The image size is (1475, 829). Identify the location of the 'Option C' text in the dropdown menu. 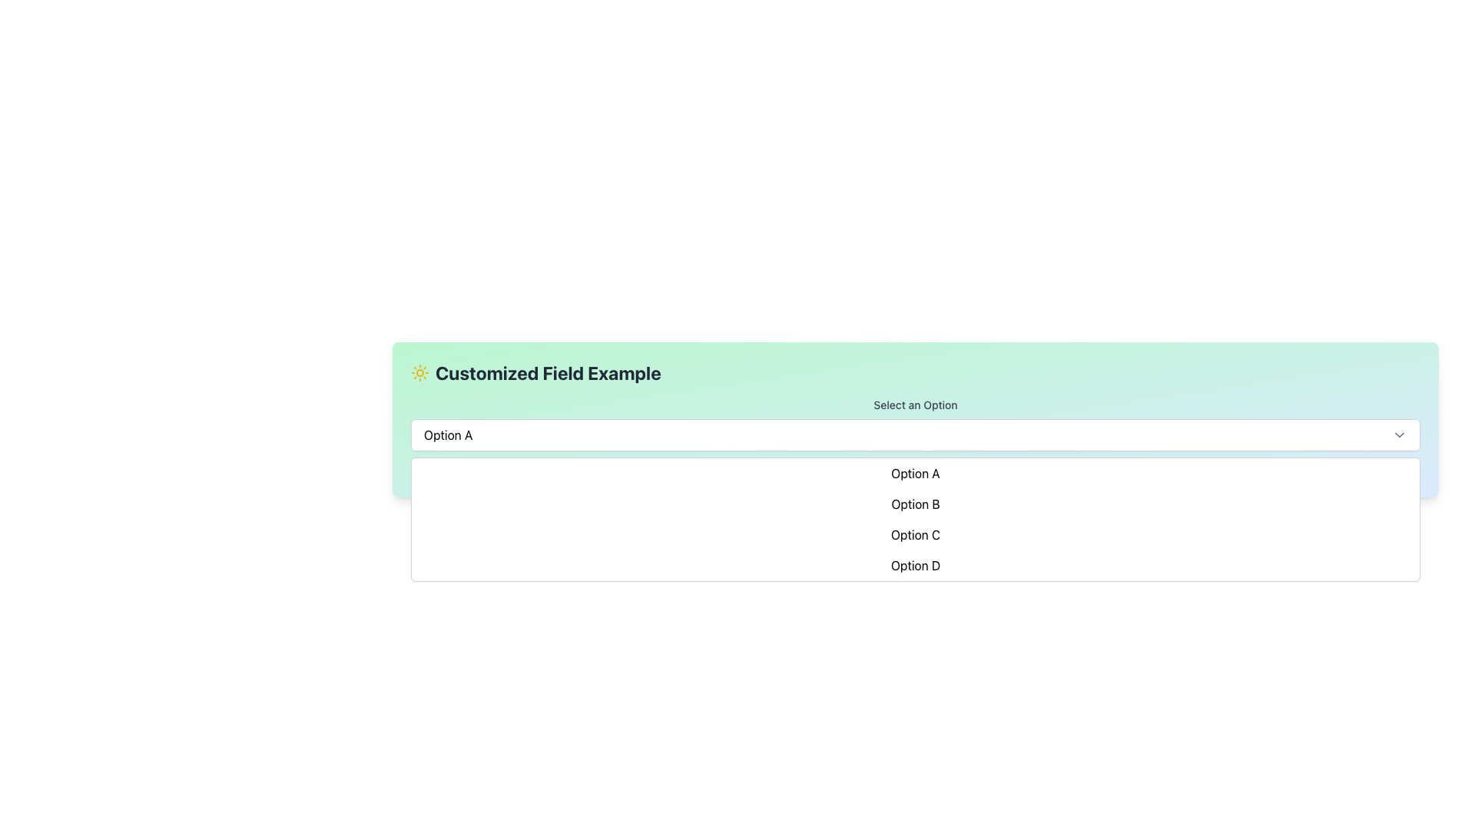
(915, 534).